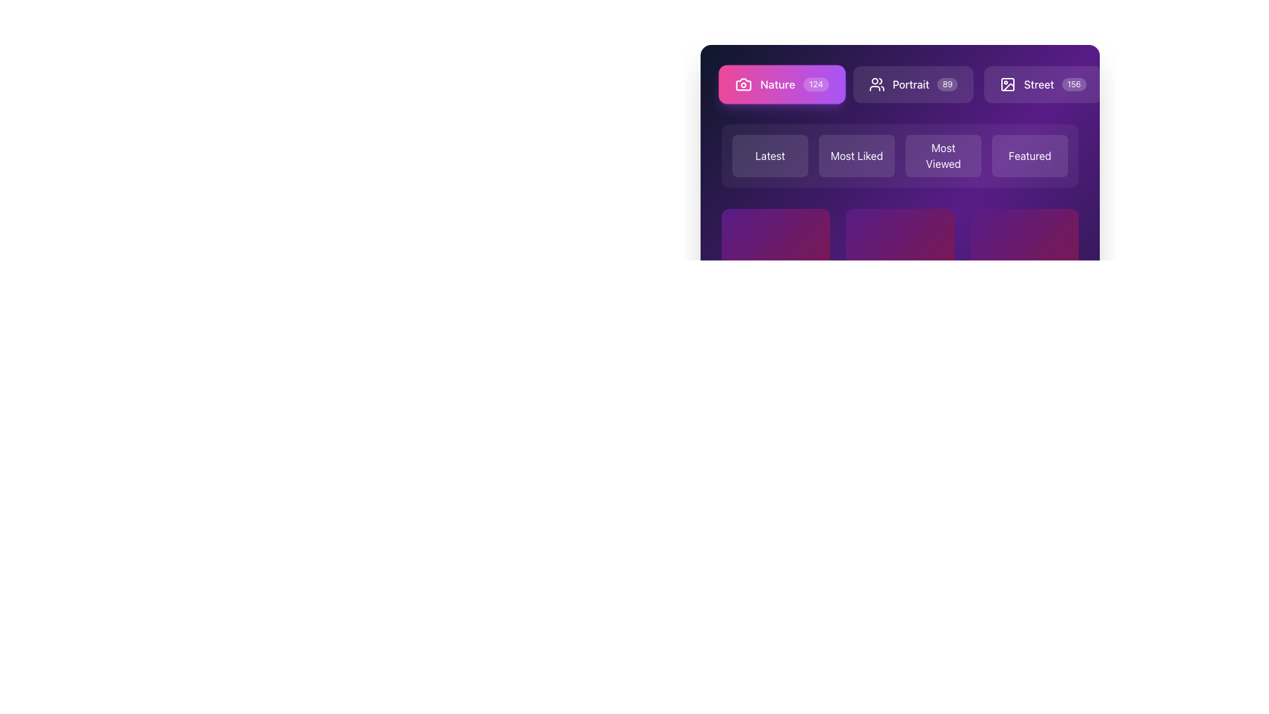 The image size is (1269, 714). I want to click on the Count badge, which is a small capsule-shaped badge with the number '156' in white text, located to the right of the 'Street' button in the top-right corner of the interface, so click(1074, 84).